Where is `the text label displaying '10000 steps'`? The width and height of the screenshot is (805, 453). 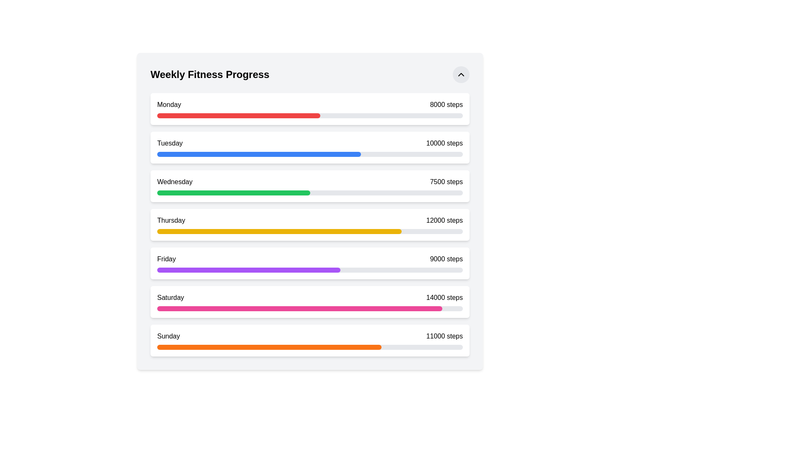 the text label displaying '10000 steps' is located at coordinates (444, 143).